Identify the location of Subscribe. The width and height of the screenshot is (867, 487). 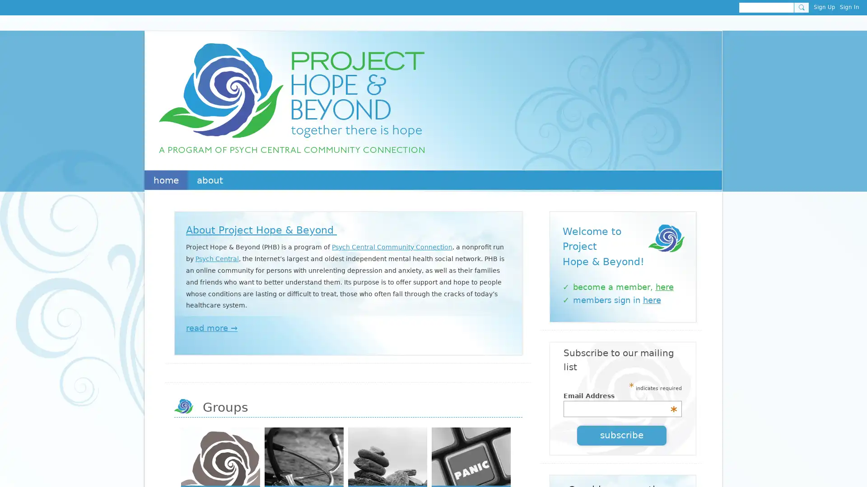
(621, 434).